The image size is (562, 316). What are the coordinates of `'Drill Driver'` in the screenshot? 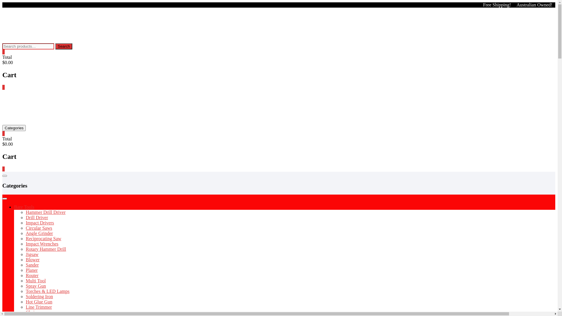 It's located at (25, 217).